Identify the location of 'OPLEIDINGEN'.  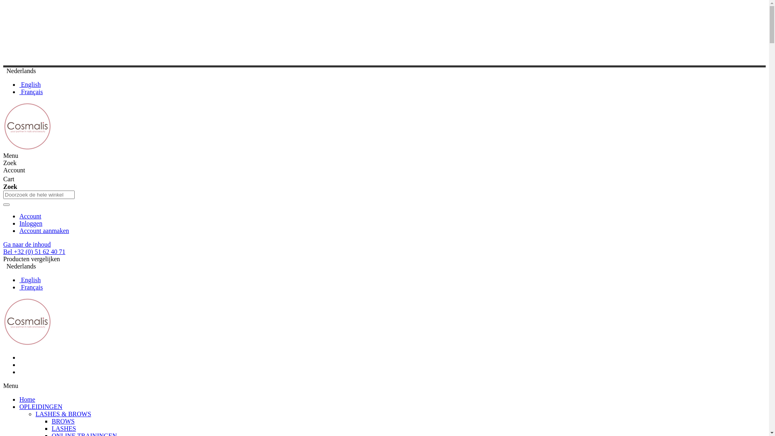
(19, 407).